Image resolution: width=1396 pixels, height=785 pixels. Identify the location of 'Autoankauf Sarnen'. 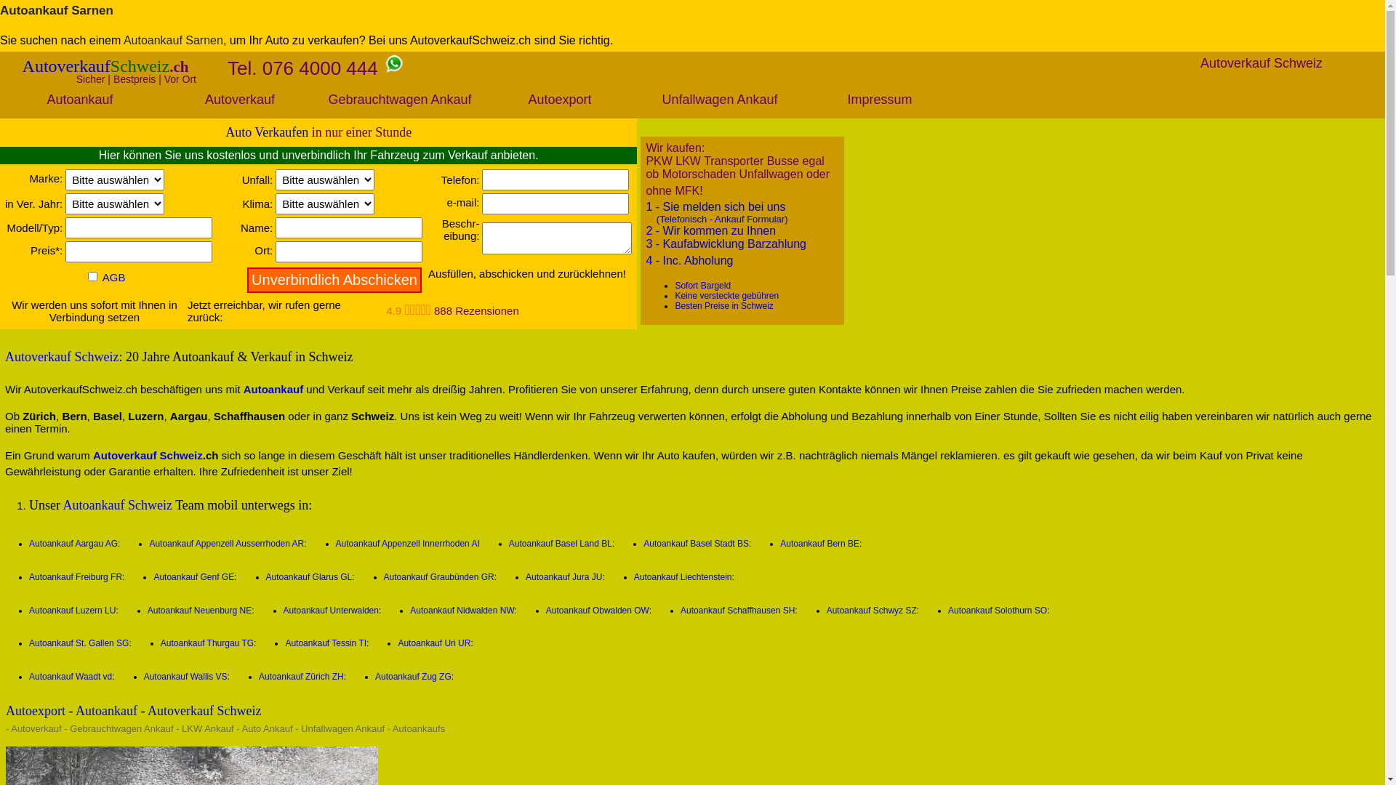
(56, 10).